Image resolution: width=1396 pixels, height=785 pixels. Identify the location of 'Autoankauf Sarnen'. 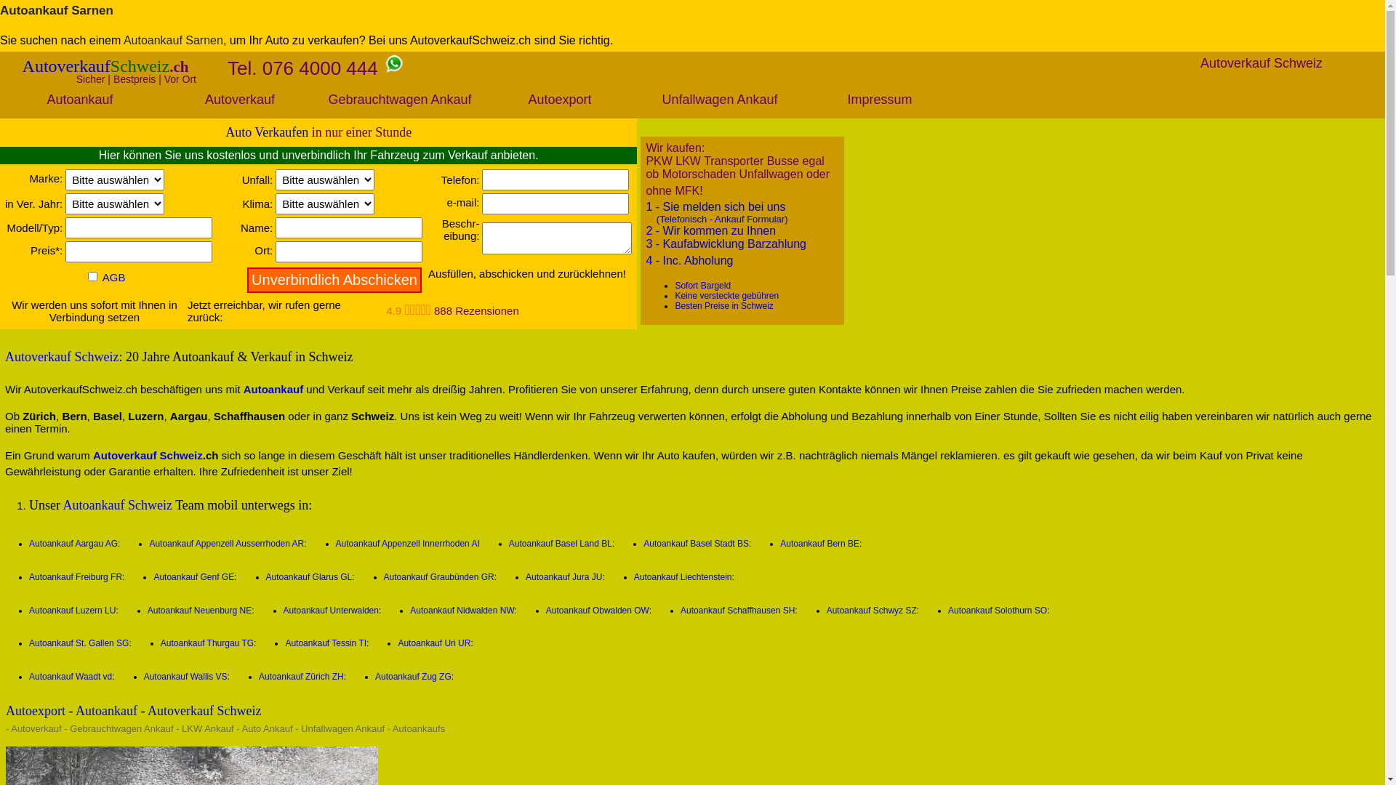
(56, 10).